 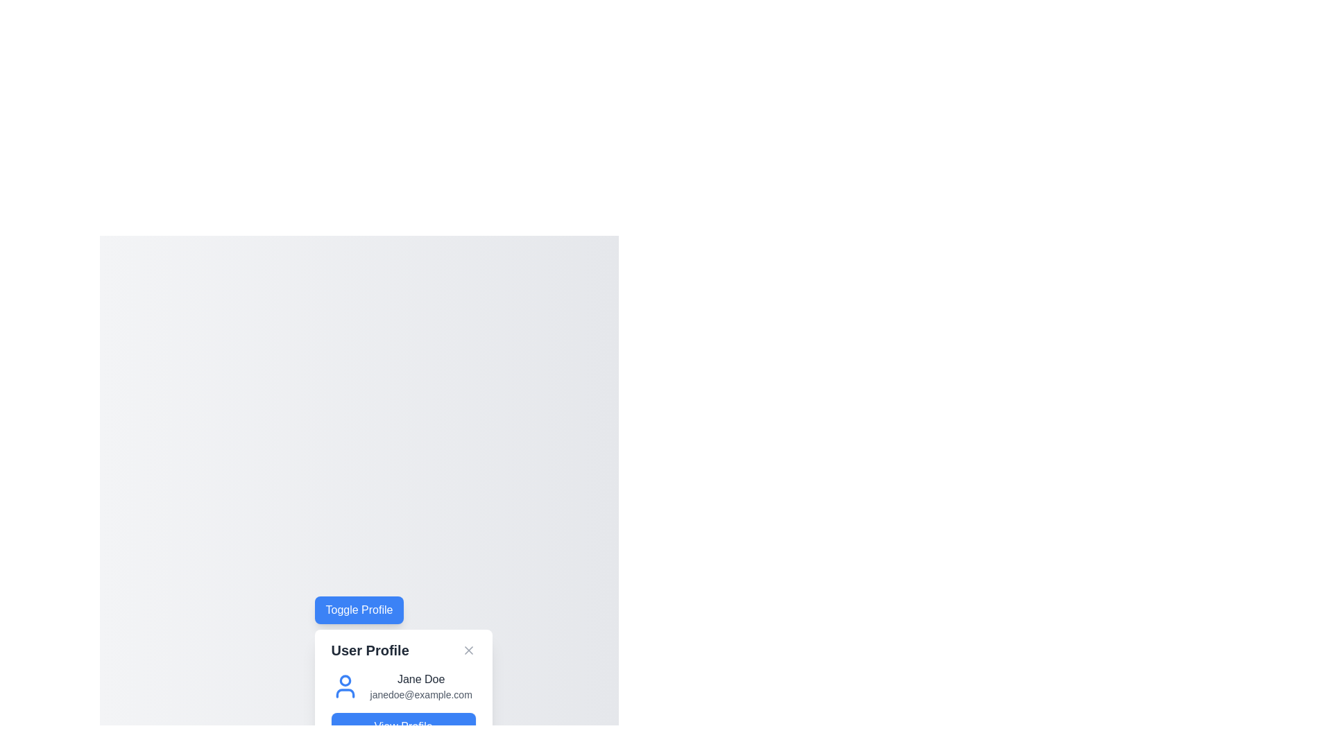 I want to click on the blue 'Toggle Profile' button with white text for visual feedback, so click(x=359, y=609).